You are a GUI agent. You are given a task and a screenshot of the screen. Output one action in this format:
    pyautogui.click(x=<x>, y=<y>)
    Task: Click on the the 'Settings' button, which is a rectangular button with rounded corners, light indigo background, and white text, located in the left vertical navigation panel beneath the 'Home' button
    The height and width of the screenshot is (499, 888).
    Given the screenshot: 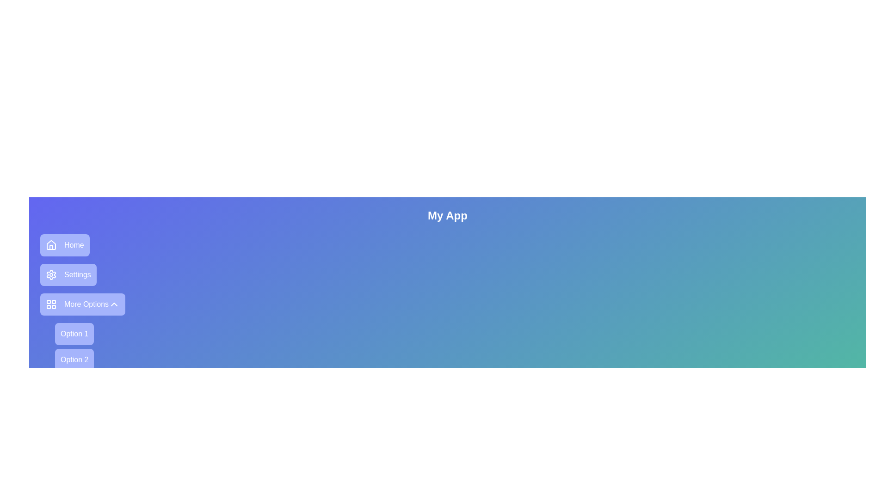 What is the action you would take?
    pyautogui.click(x=68, y=274)
    